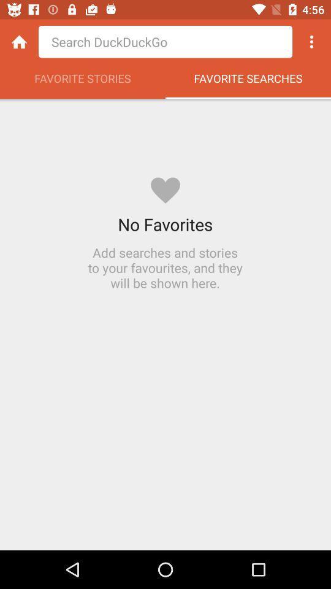 Image resolution: width=331 pixels, height=589 pixels. I want to click on the option point search something, so click(165, 42).